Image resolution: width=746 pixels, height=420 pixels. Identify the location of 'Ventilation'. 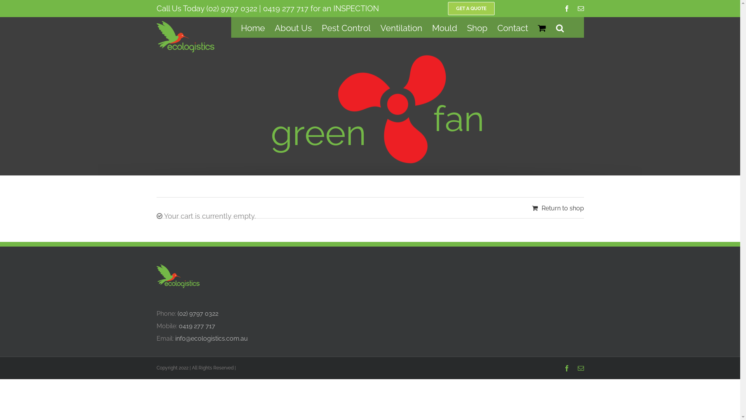
(401, 27).